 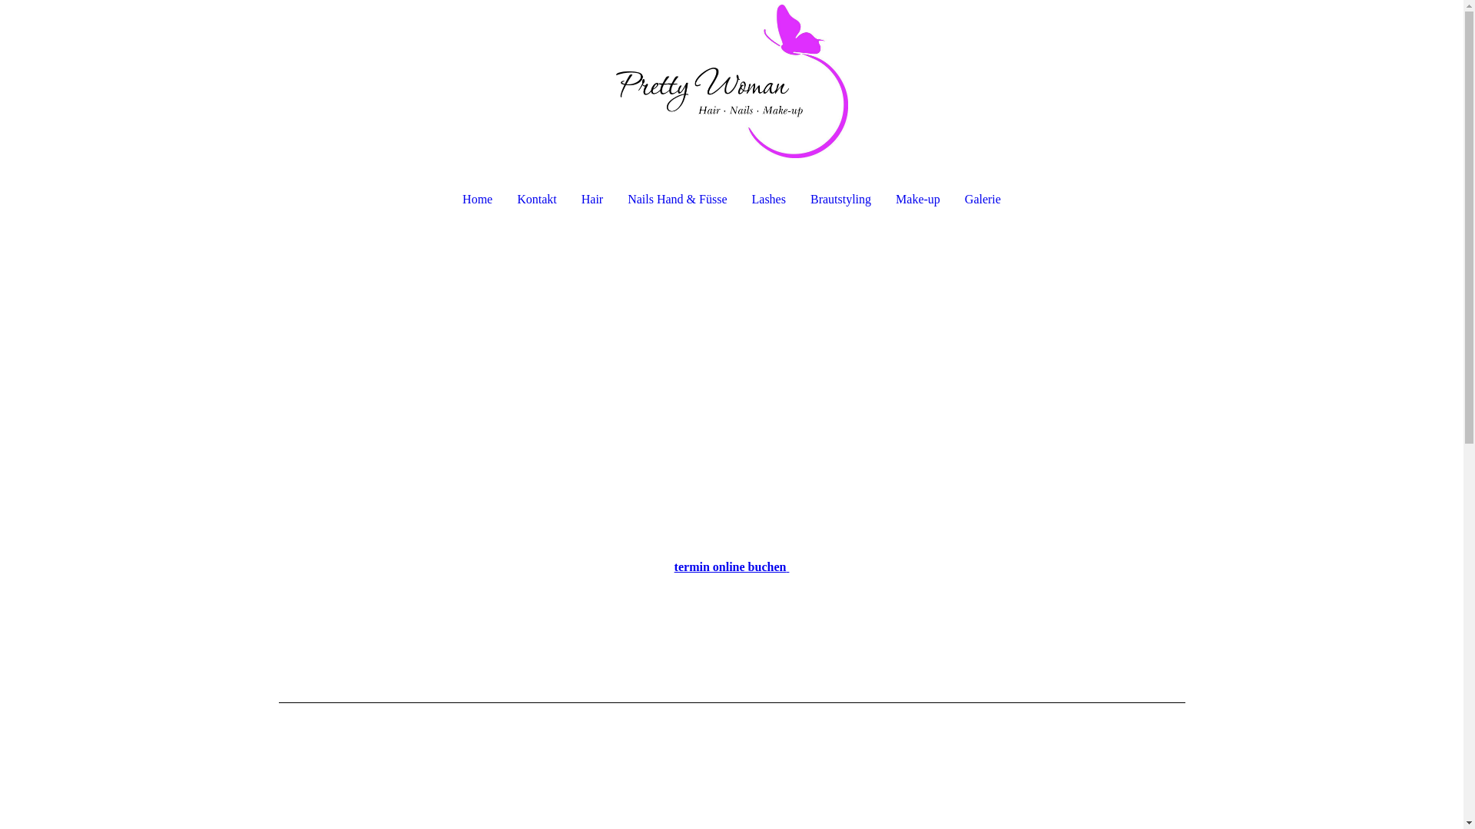 What do you see at coordinates (470, 198) in the screenshot?
I see `'Home'` at bounding box center [470, 198].